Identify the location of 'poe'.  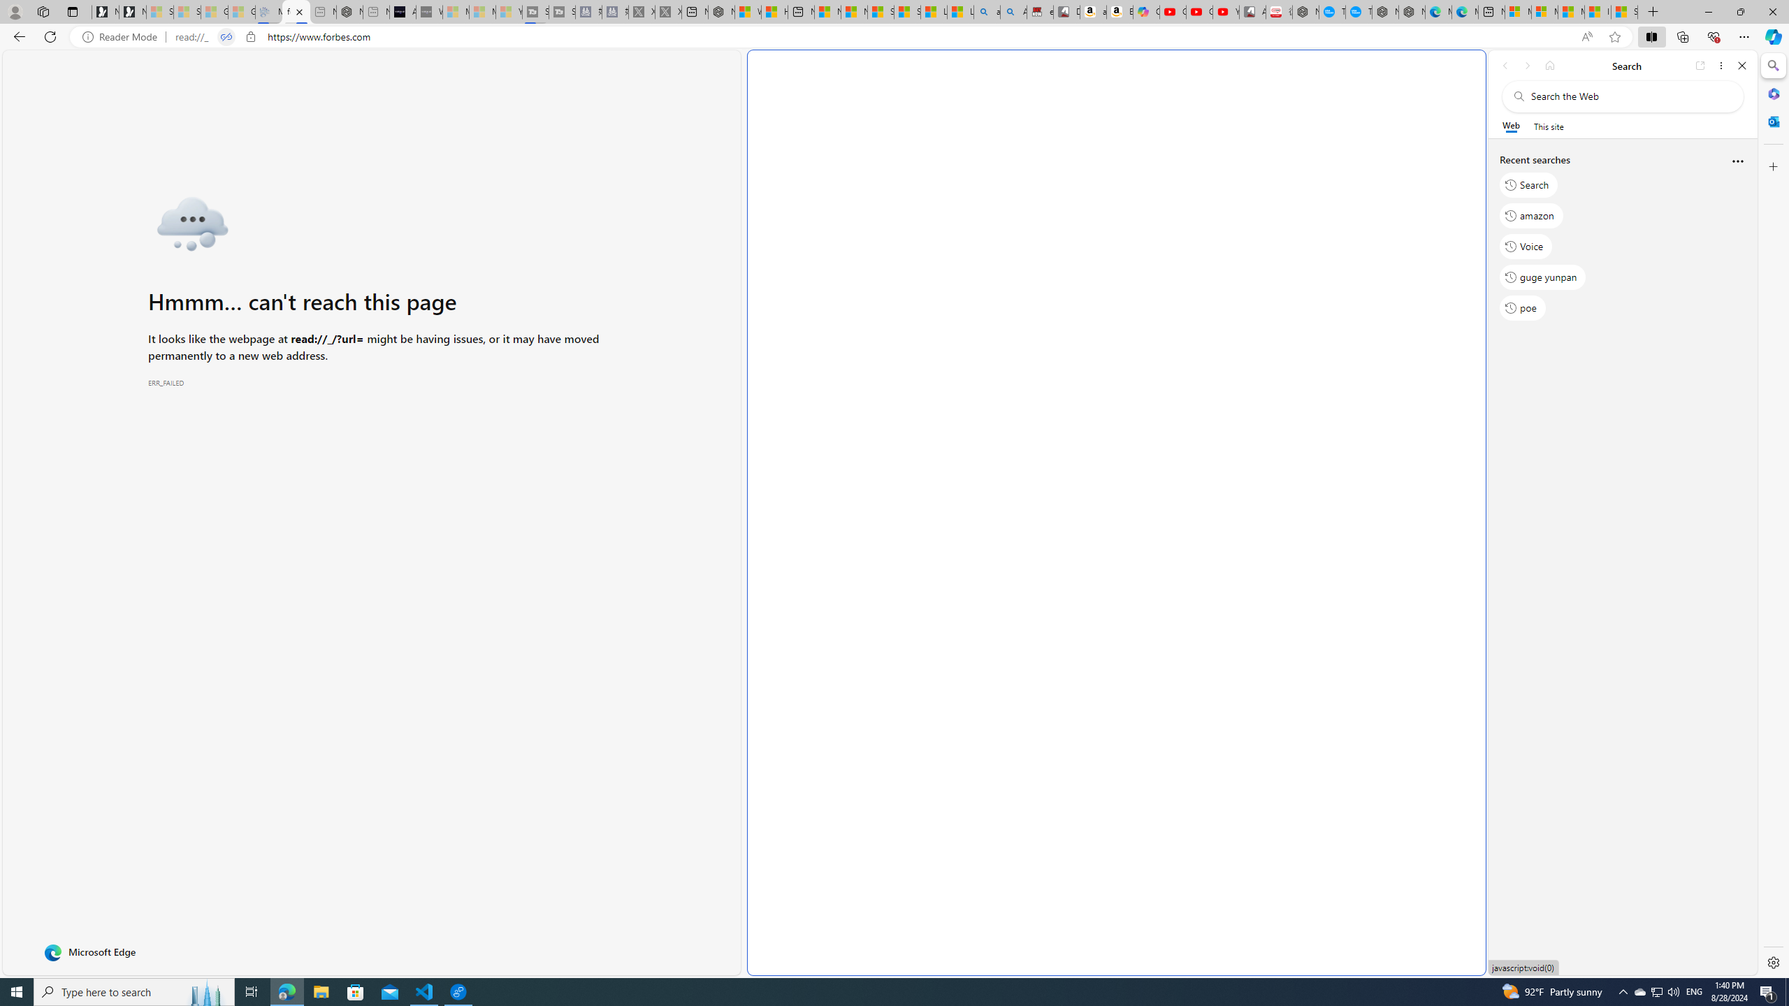
(1521, 307).